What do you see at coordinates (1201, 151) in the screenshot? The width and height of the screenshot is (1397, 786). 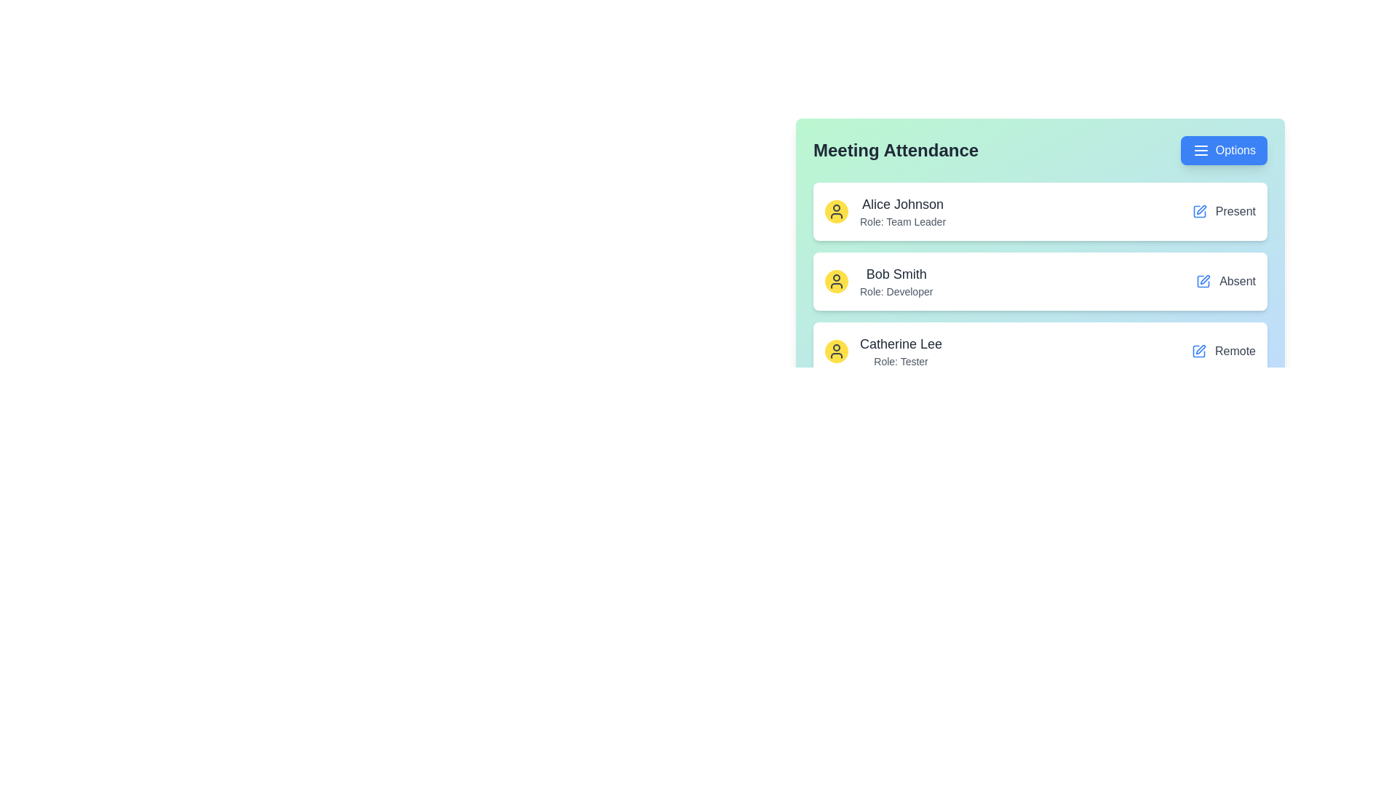 I see `the hamburger menu icon` at bounding box center [1201, 151].